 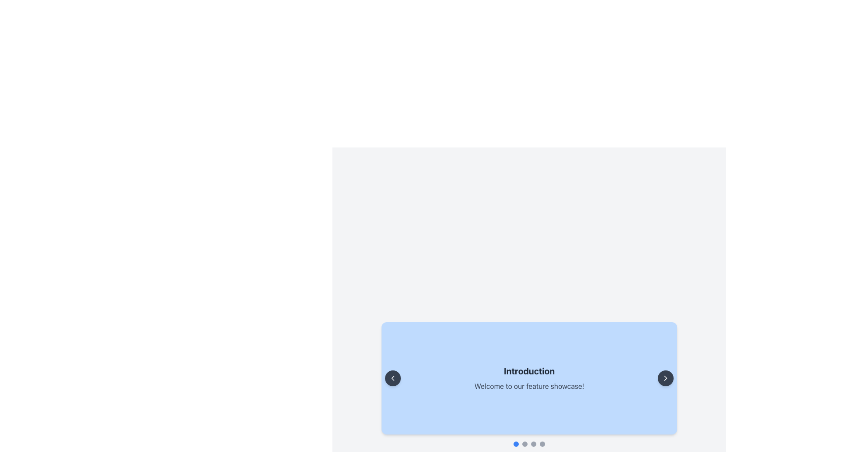 What do you see at coordinates (392, 377) in the screenshot?
I see `the circular button with a dark gray background and white chevron icon pointing left, located on the left side of the blue panel under the 'Introduction' content` at bounding box center [392, 377].